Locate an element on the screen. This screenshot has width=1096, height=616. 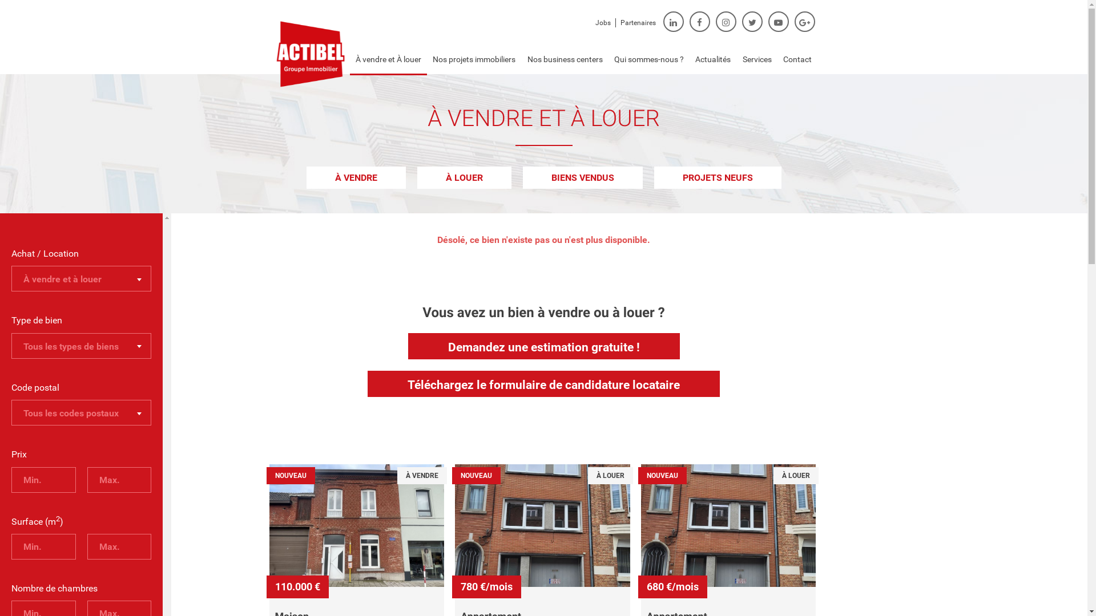
'Qui sommes-nous ?' is located at coordinates (649, 59).